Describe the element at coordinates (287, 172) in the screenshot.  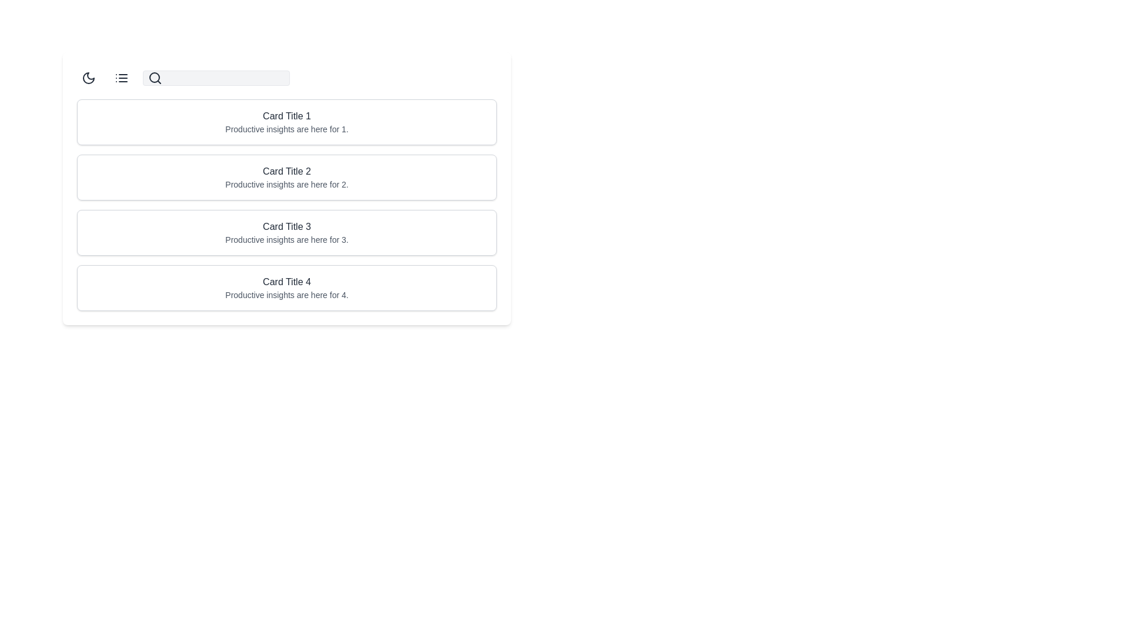
I see `text content of the primary title or heading Text Label located at the top of the second card in a vertically stacked list of similar cards` at that location.